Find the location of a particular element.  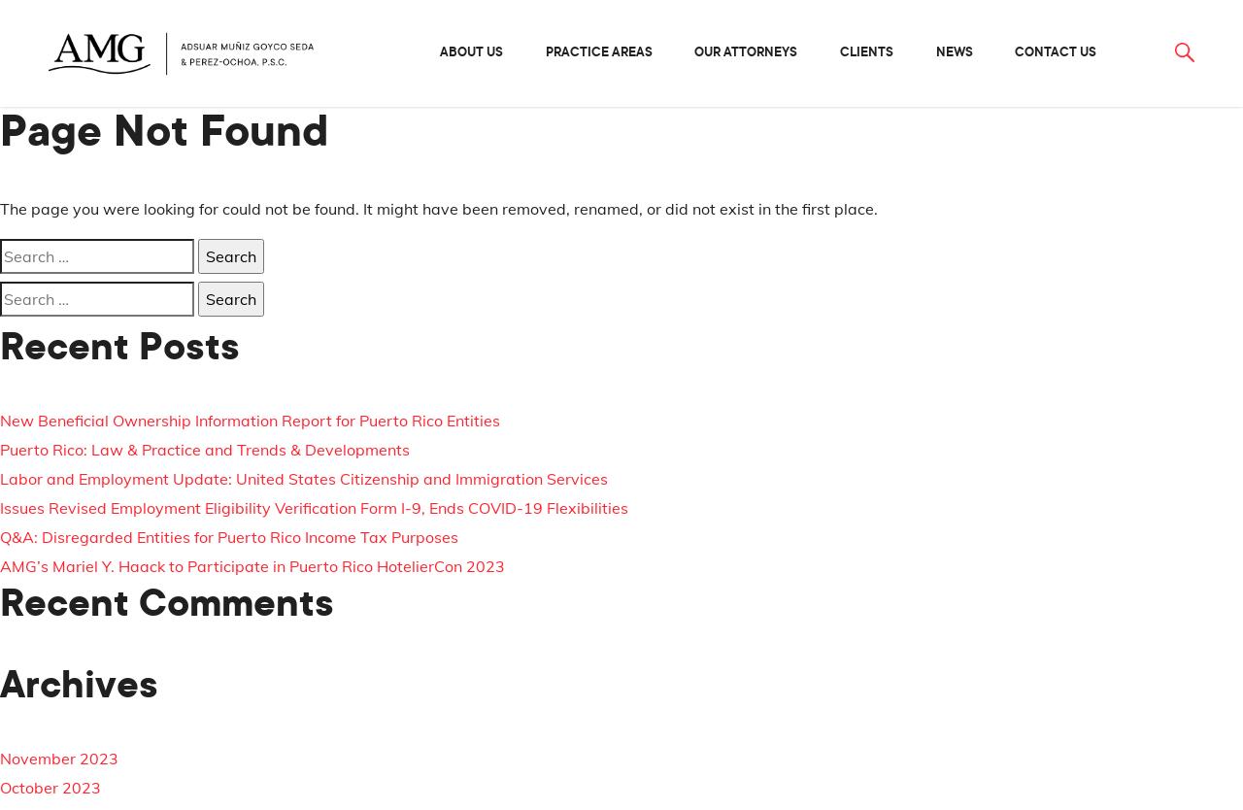

'Issues Revised Employment Eligibility Verification Form I-9, Ends COVID-19 Flexibilities' is located at coordinates (0, 507).